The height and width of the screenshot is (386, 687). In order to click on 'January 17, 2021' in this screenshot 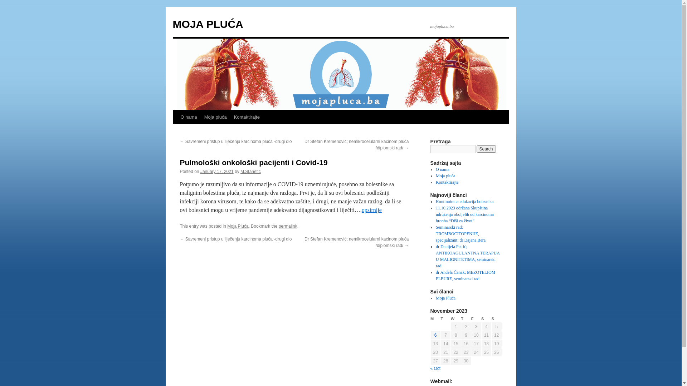, I will do `click(200, 171)`.